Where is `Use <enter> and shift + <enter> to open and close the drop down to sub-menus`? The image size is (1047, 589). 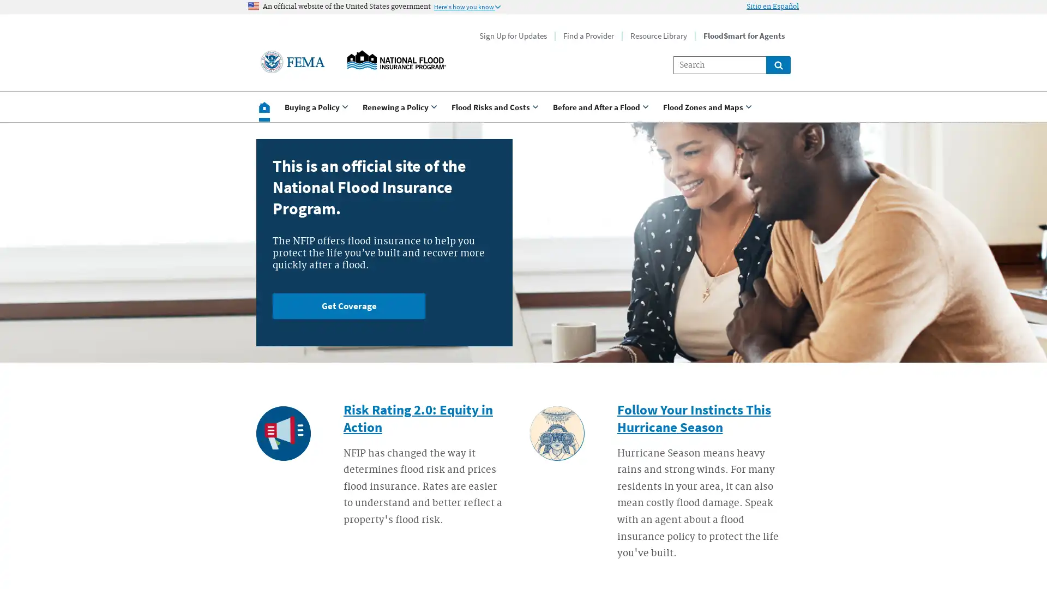 Use <enter> and shift + <enter> to open and close the drop down to sub-menus is located at coordinates (709, 106).